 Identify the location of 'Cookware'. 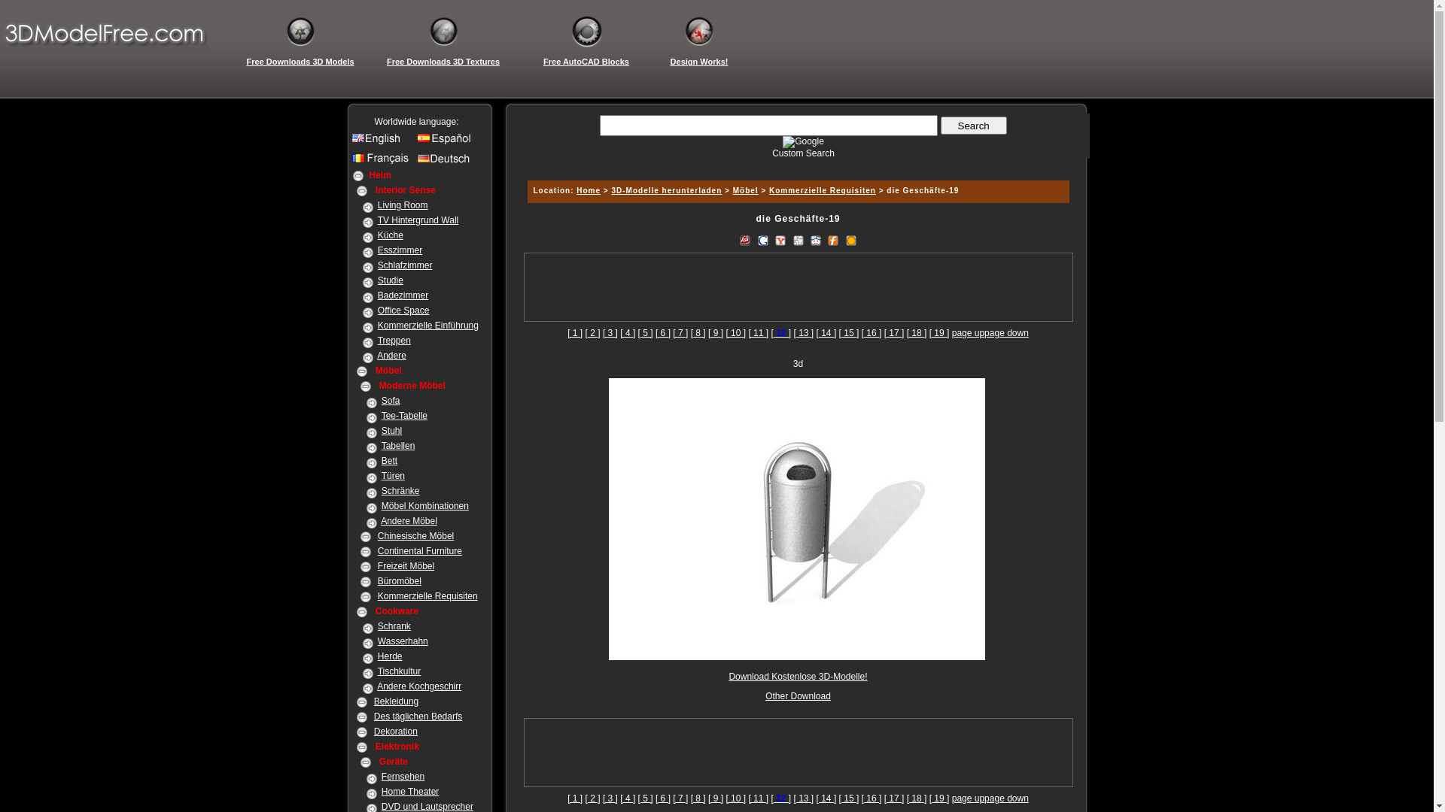
(397, 611).